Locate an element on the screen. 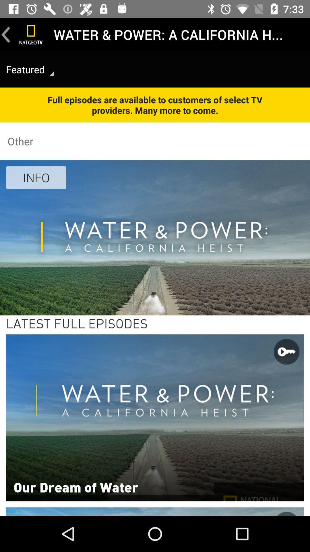 This screenshot has width=310, height=552. the icon next to the water power a icon is located at coordinates (31, 34).